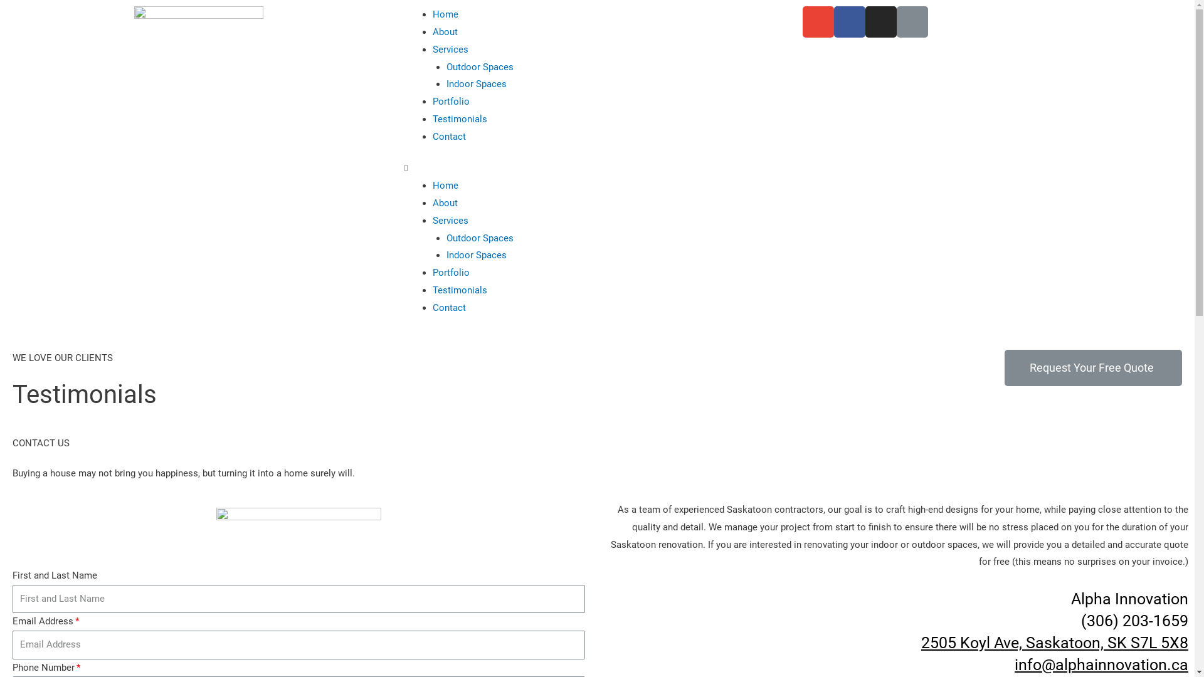 Image resolution: width=1204 pixels, height=677 pixels. I want to click on 'Testimonials', so click(459, 118).